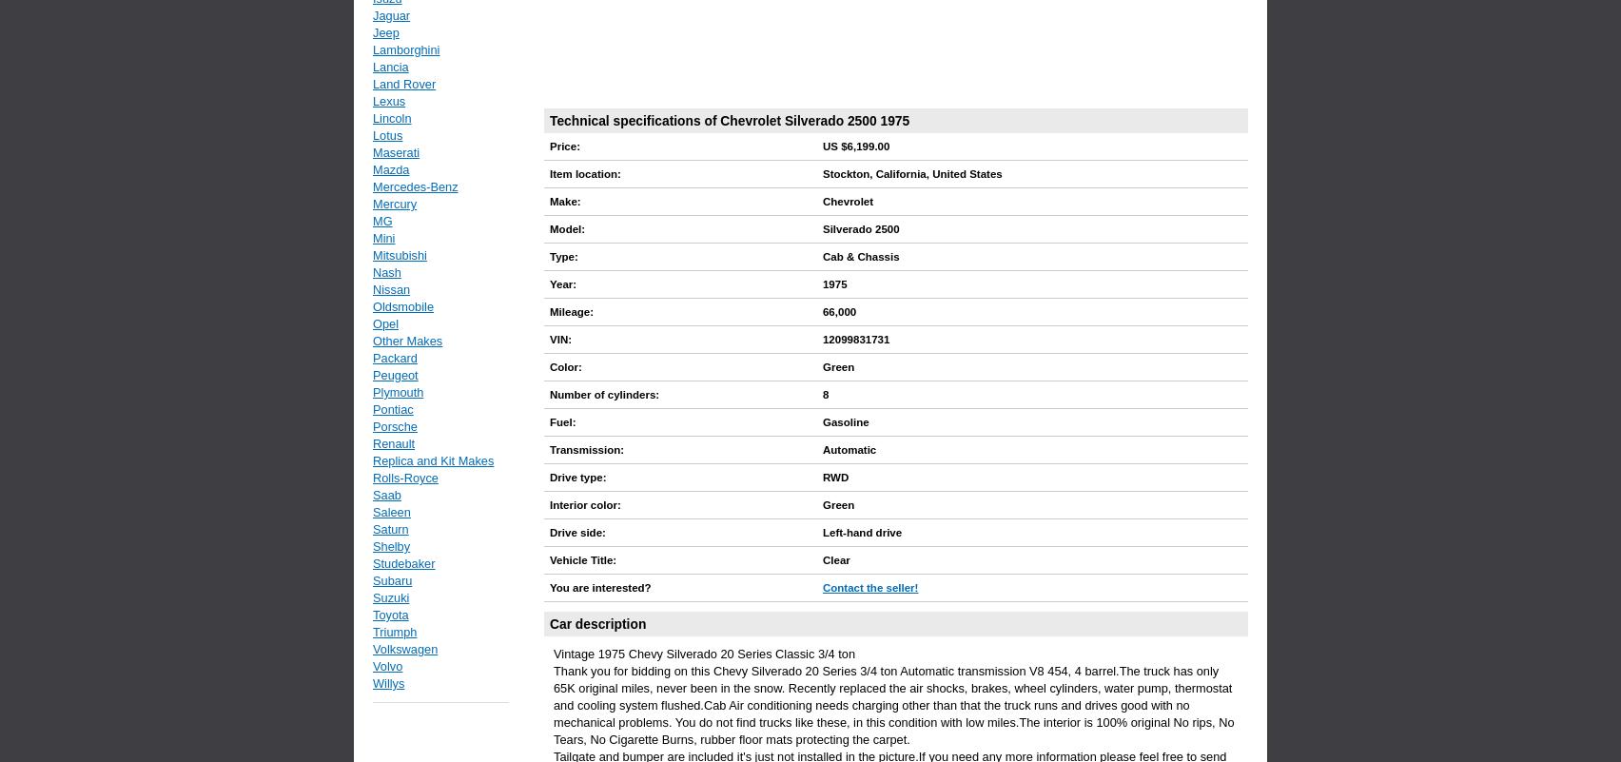 This screenshot has width=1621, height=762. What do you see at coordinates (371, 358) in the screenshot?
I see `'Packard'` at bounding box center [371, 358].